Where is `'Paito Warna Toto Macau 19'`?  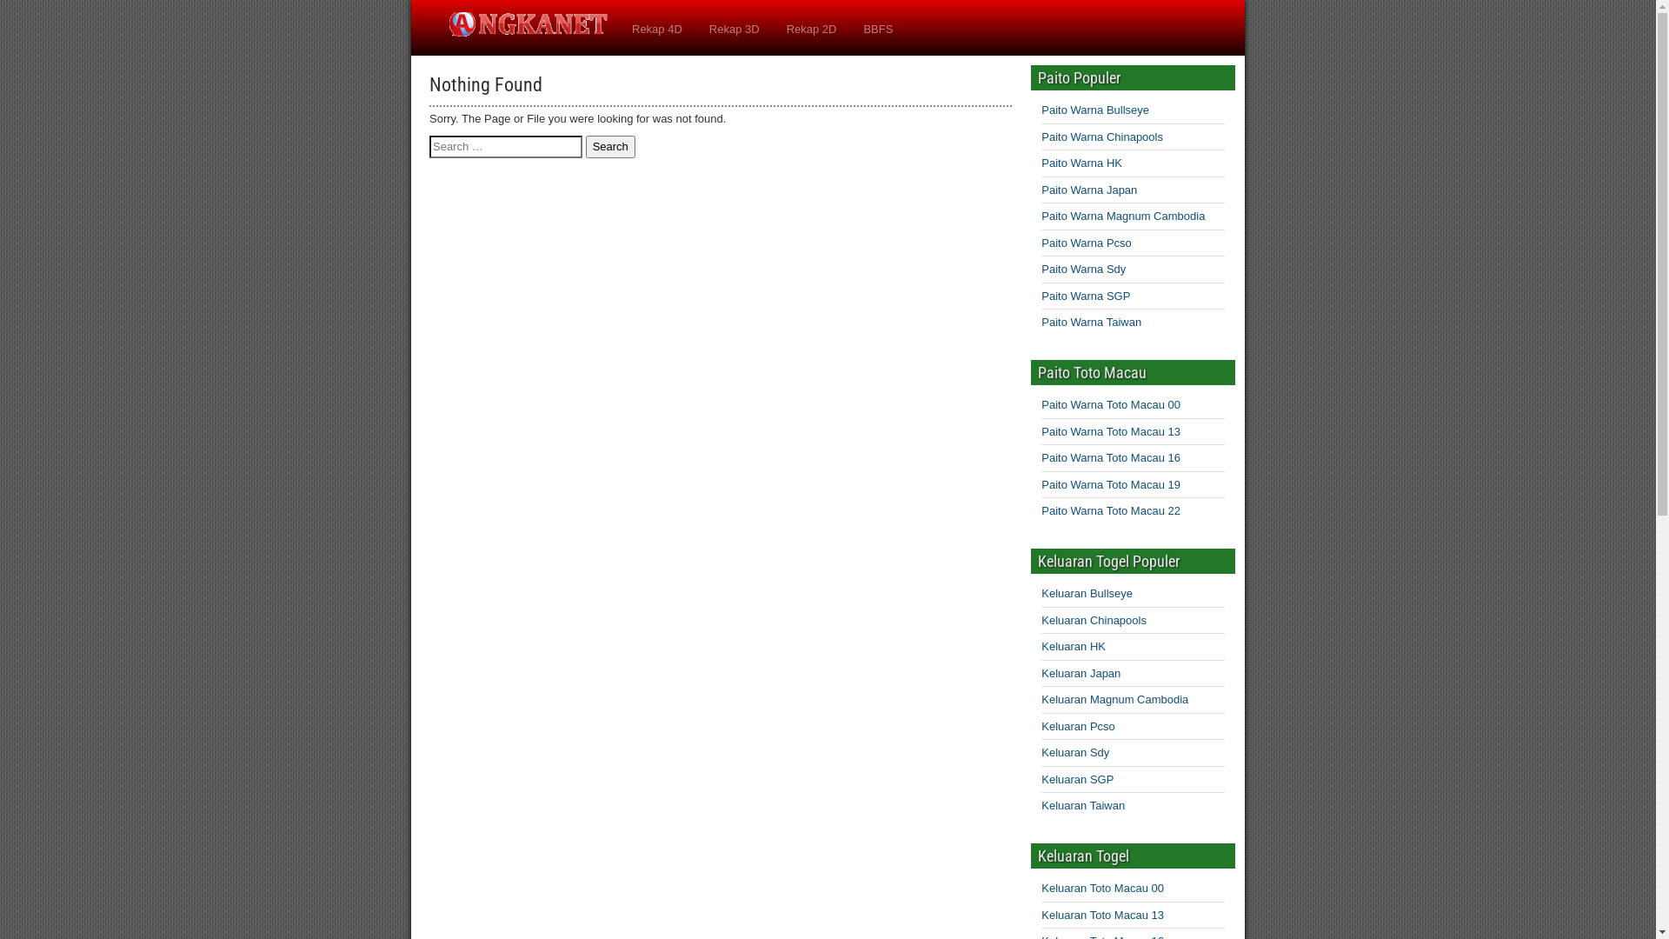
'Paito Warna Toto Macau 19' is located at coordinates (1109, 484).